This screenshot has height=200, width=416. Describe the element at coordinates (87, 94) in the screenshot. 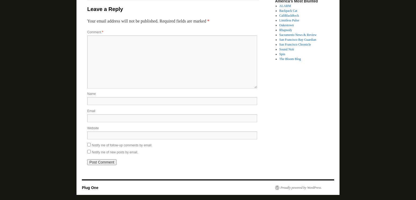

I see `'Name'` at that location.